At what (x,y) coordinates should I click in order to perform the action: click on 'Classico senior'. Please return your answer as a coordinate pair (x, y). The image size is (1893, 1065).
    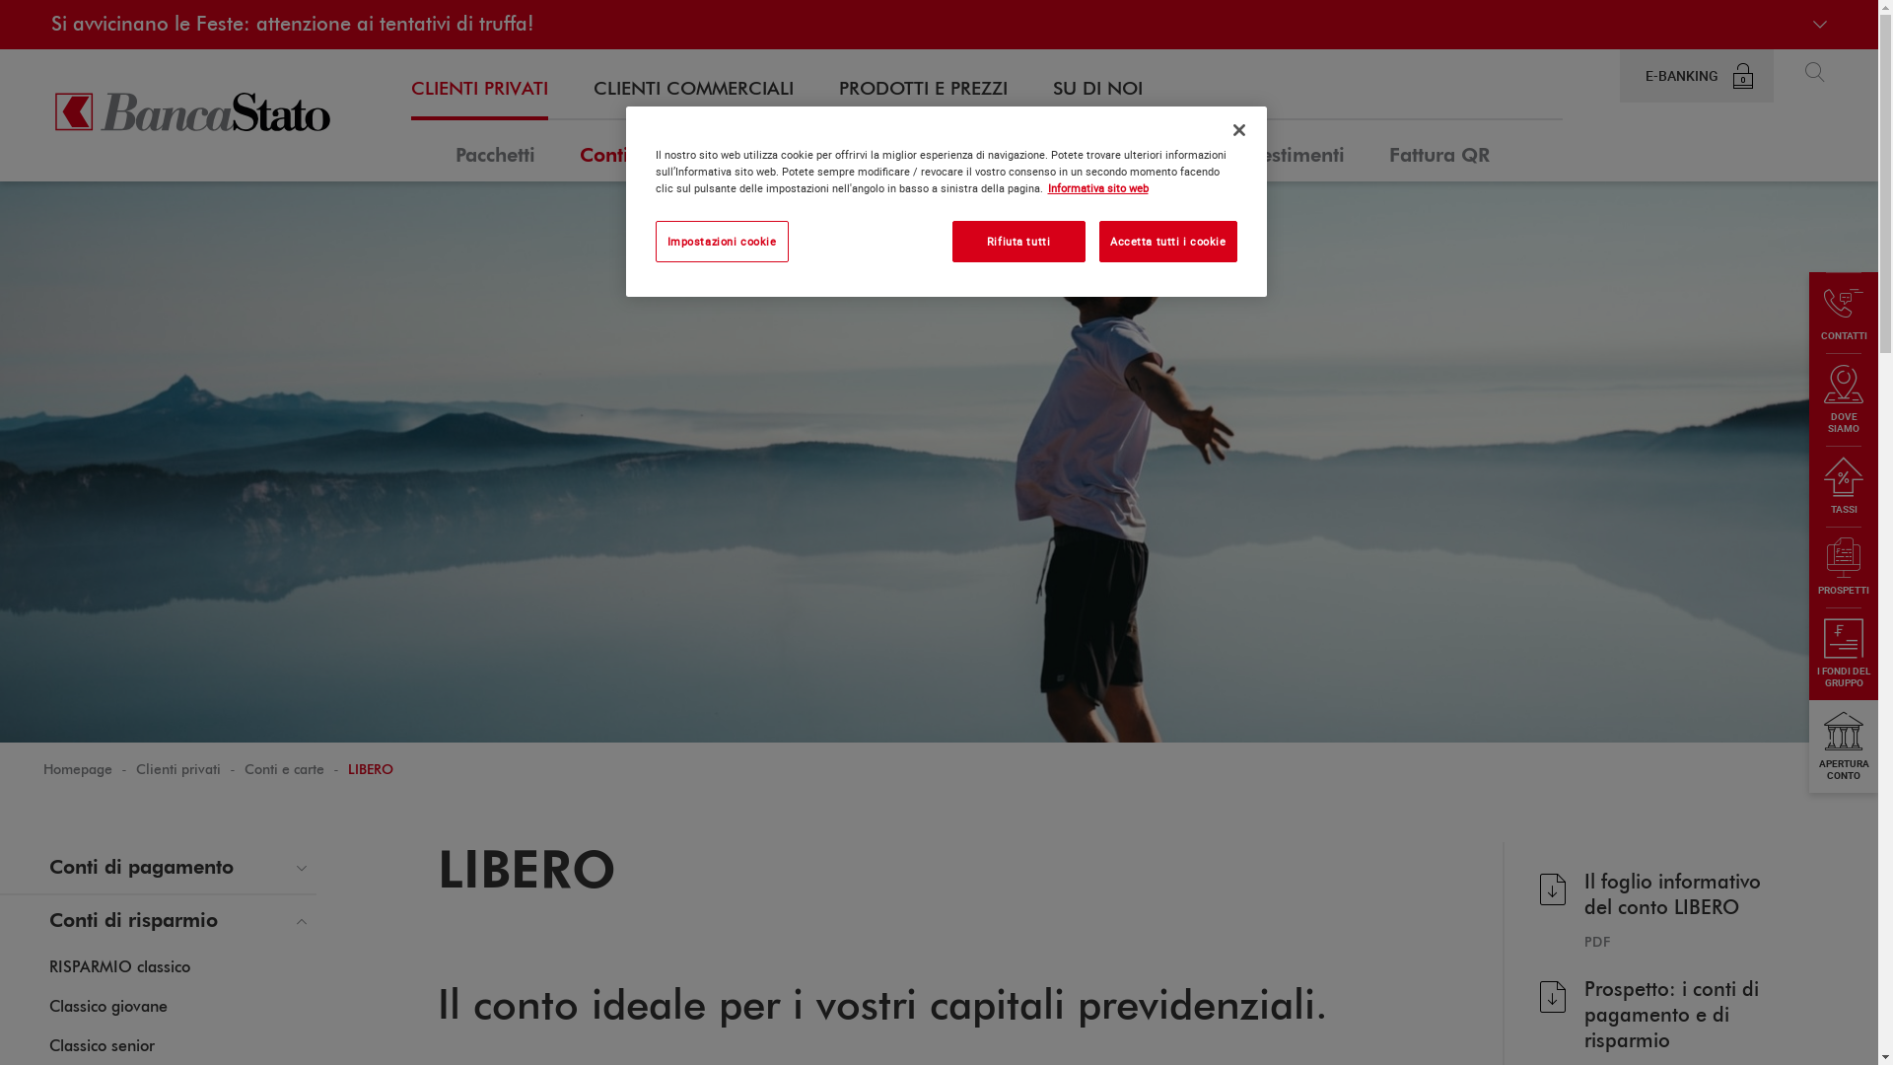
    Looking at the image, I should click on (101, 1045).